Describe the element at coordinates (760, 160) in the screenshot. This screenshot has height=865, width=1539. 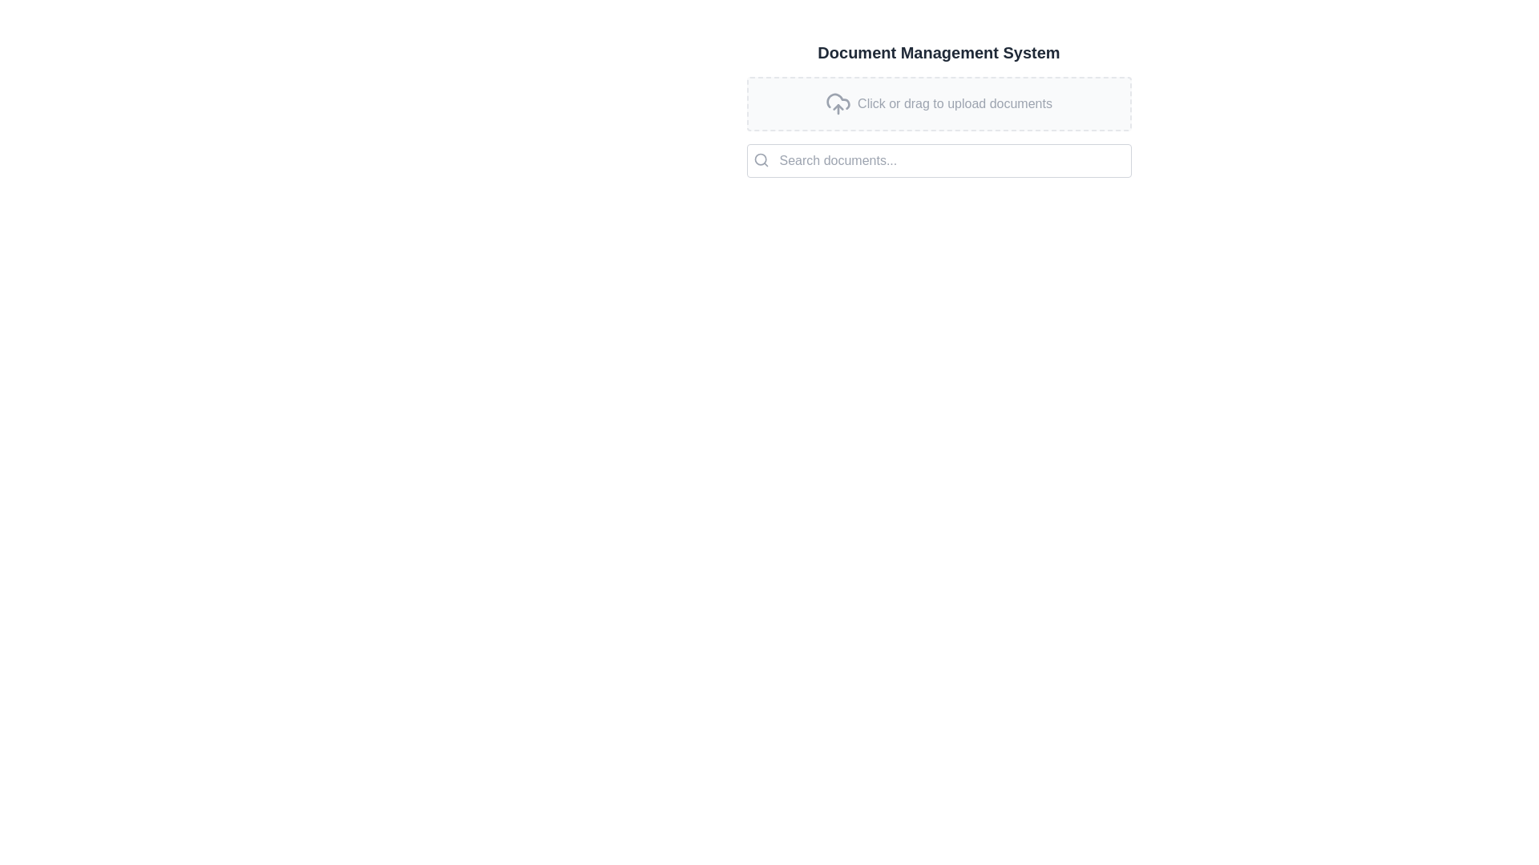
I see `the search icon located at the left edge of the search input area, adjacent to the placeholder text 'Search documents...'` at that location.